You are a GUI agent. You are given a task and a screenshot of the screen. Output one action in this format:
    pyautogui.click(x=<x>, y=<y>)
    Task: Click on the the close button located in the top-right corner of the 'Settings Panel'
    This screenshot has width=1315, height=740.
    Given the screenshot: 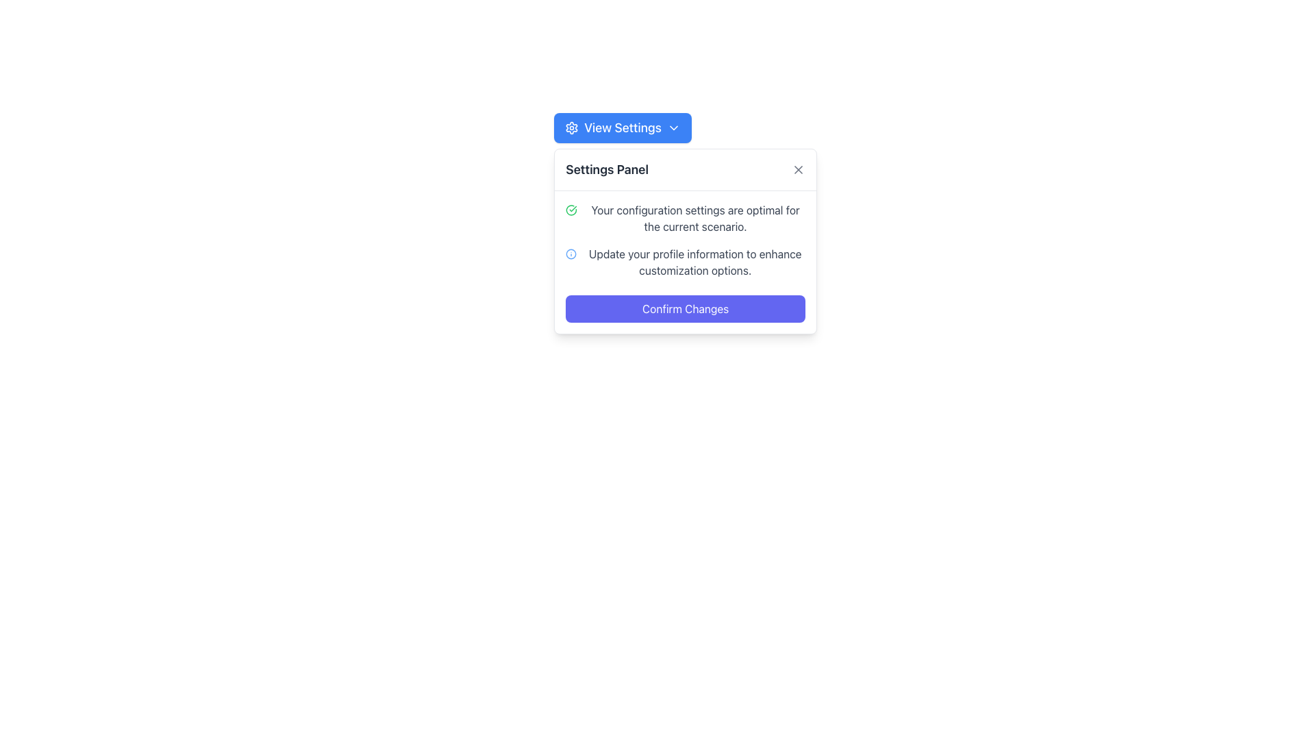 What is the action you would take?
    pyautogui.click(x=799, y=169)
    